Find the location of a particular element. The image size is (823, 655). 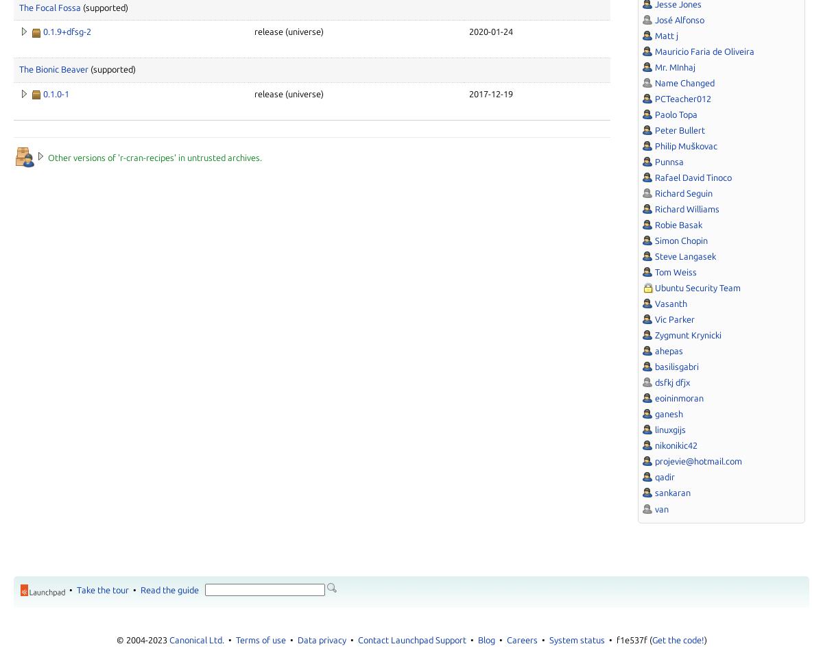

'nikonikic42' is located at coordinates (676, 445).